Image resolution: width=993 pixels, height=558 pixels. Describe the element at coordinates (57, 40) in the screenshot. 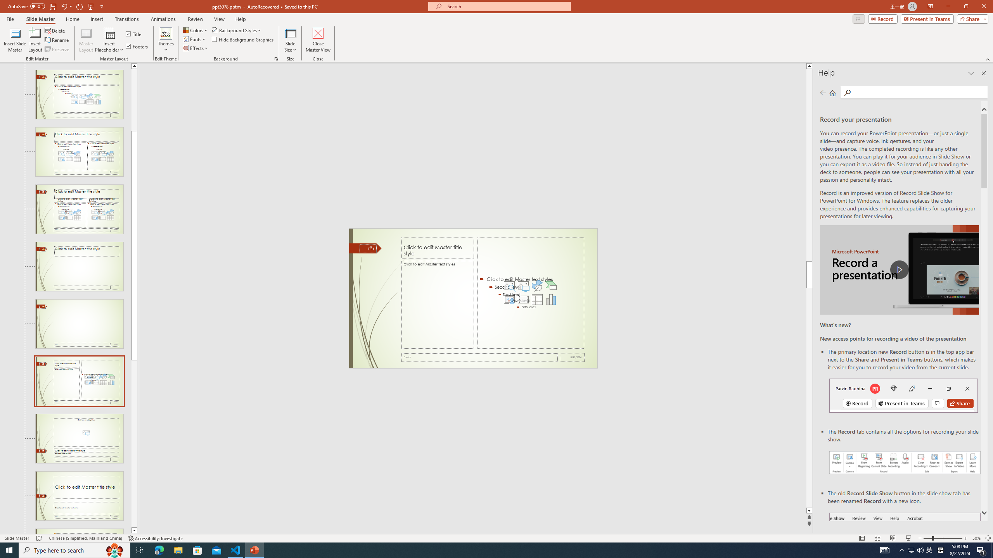

I see `'Rename'` at that location.